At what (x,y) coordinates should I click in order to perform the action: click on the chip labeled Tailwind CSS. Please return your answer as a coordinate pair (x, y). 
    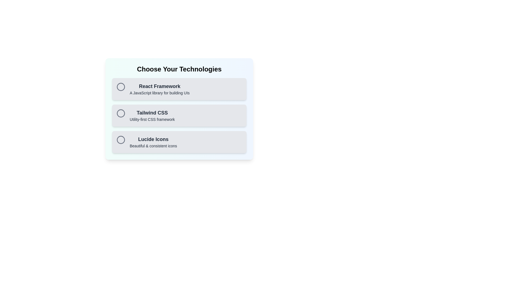
    Looking at the image, I should click on (179, 115).